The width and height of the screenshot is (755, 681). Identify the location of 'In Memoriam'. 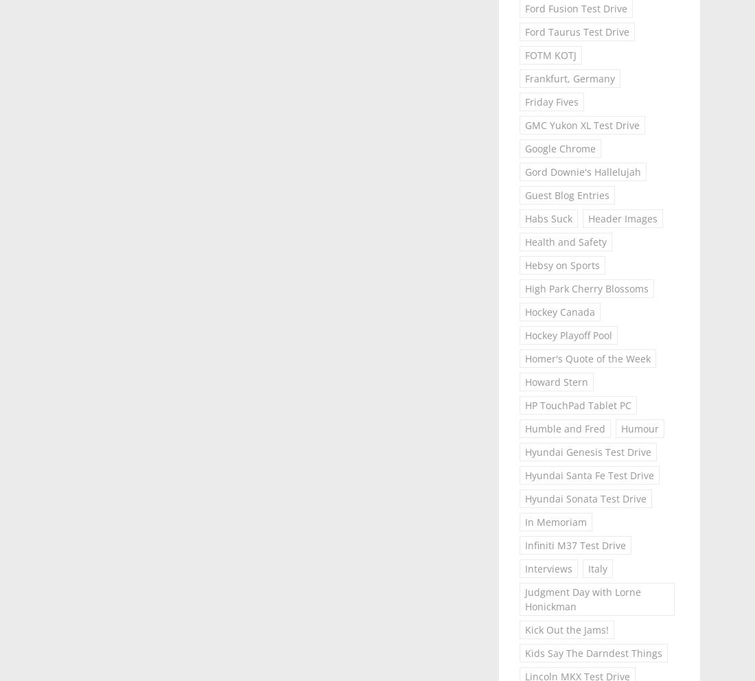
(524, 521).